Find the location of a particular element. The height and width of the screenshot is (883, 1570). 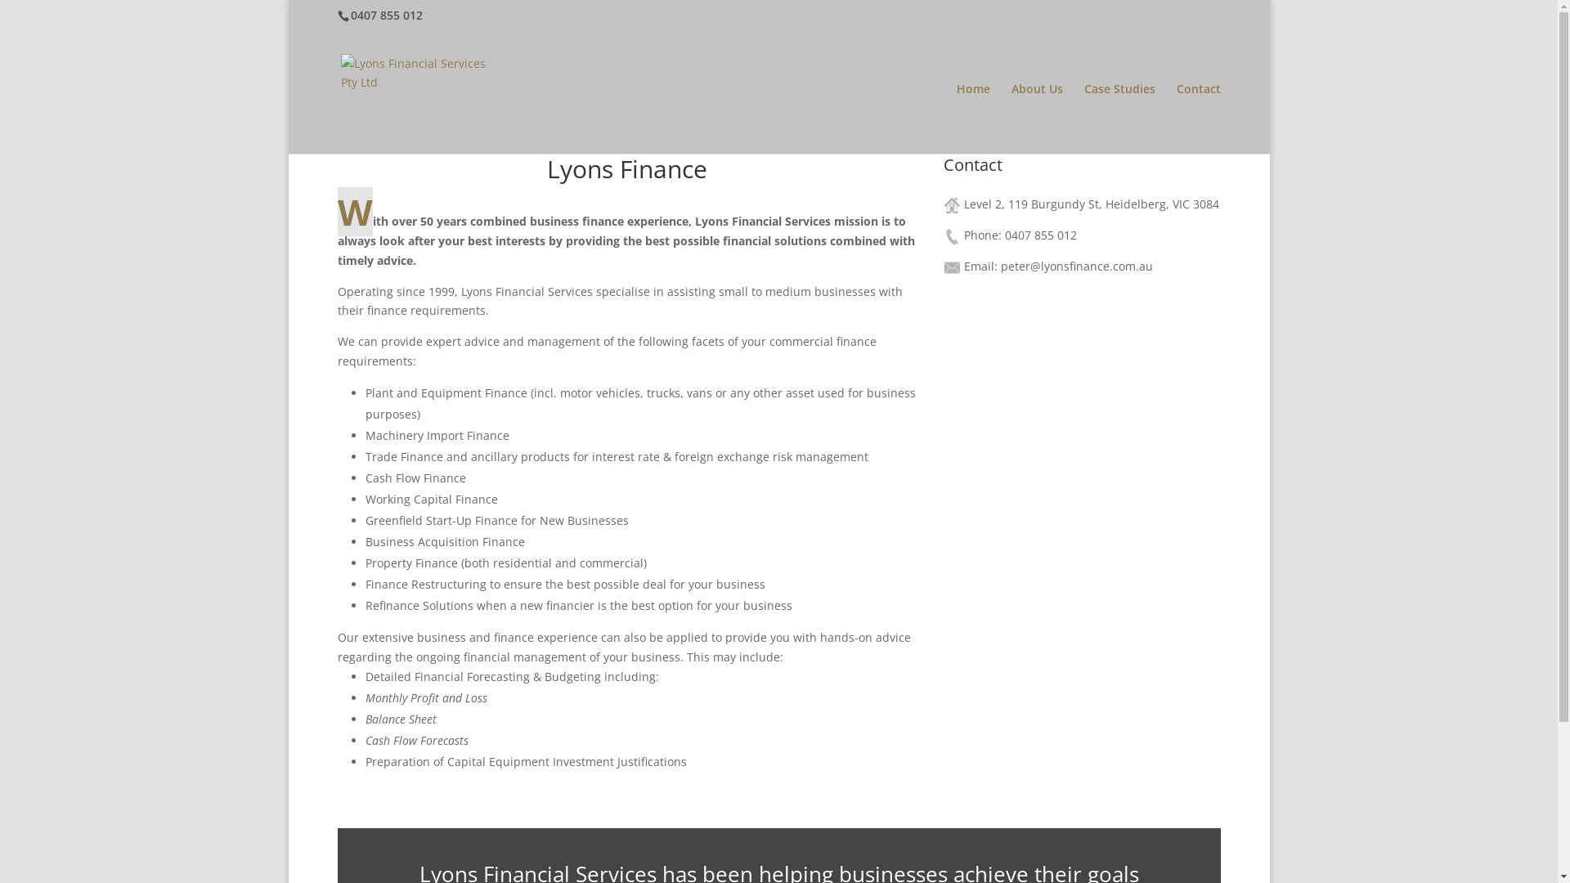

'About Us' is located at coordinates (1035, 118).